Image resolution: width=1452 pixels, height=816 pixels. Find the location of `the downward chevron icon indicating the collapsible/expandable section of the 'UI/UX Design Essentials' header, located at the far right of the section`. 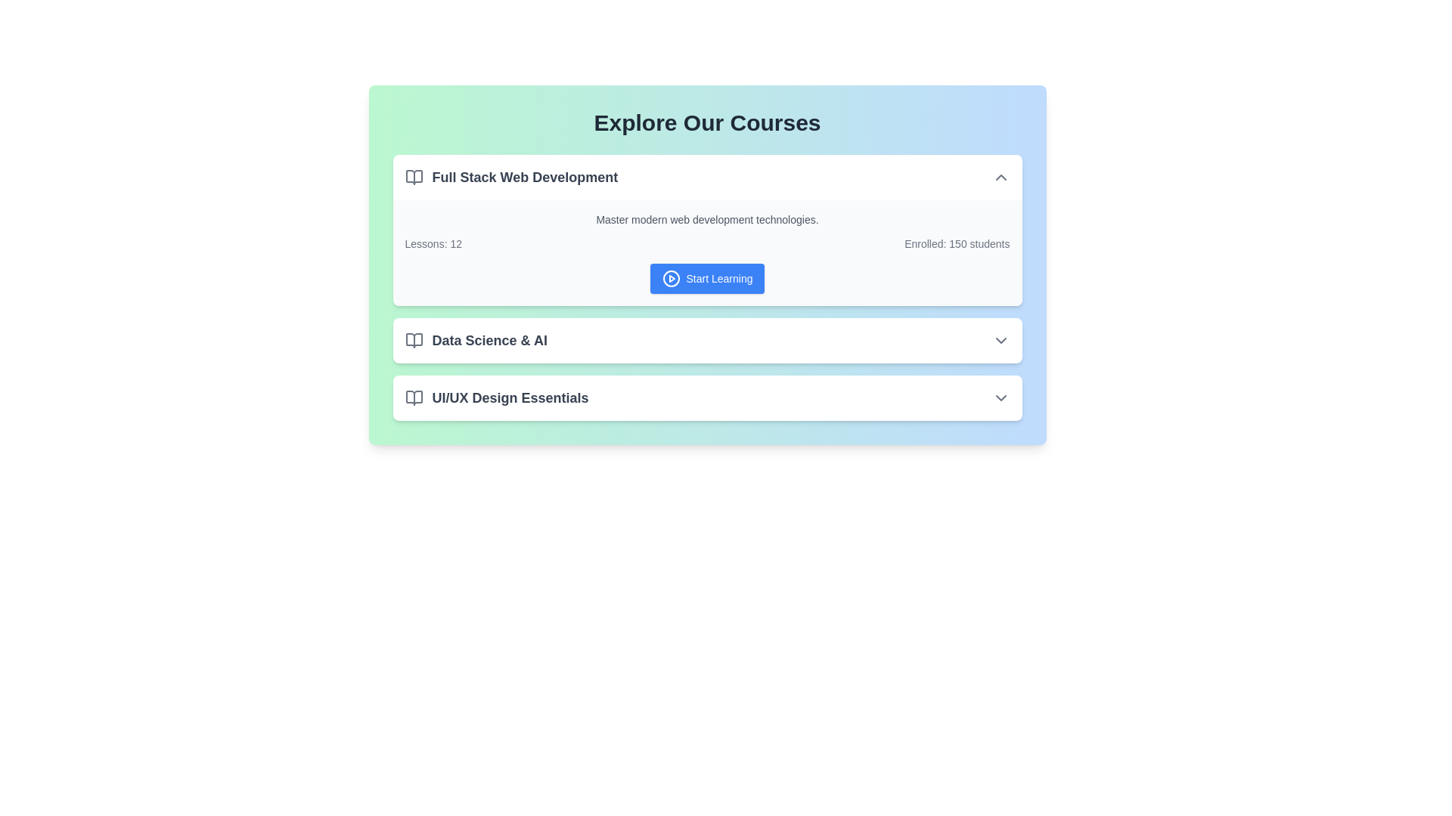

the downward chevron icon indicating the collapsible/expandable section of the 'UI/UX Design Essentials' header, located at the far right of the section is located at coordinates (1001, 397).